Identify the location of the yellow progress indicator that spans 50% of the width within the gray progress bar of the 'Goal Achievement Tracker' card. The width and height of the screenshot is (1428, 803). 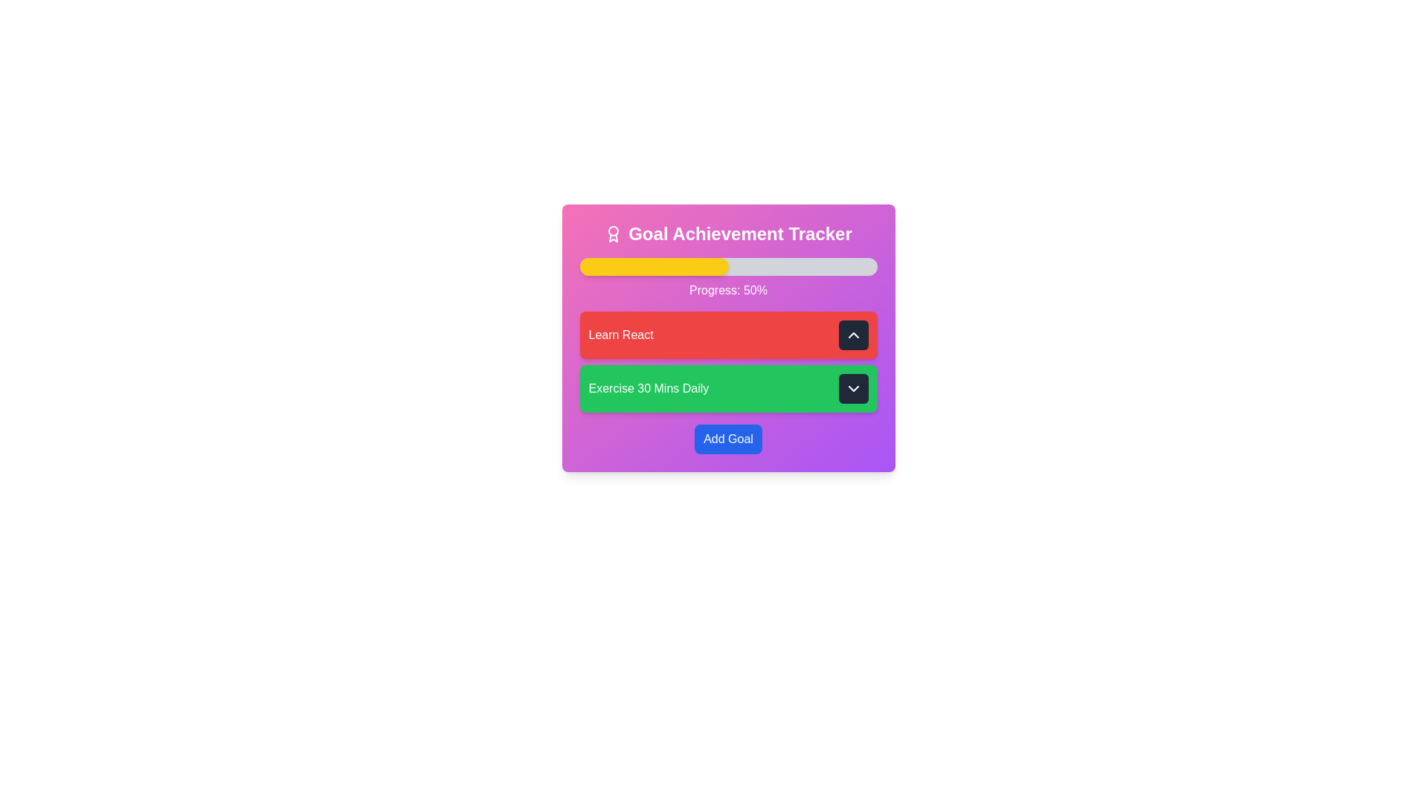
(654, 265).